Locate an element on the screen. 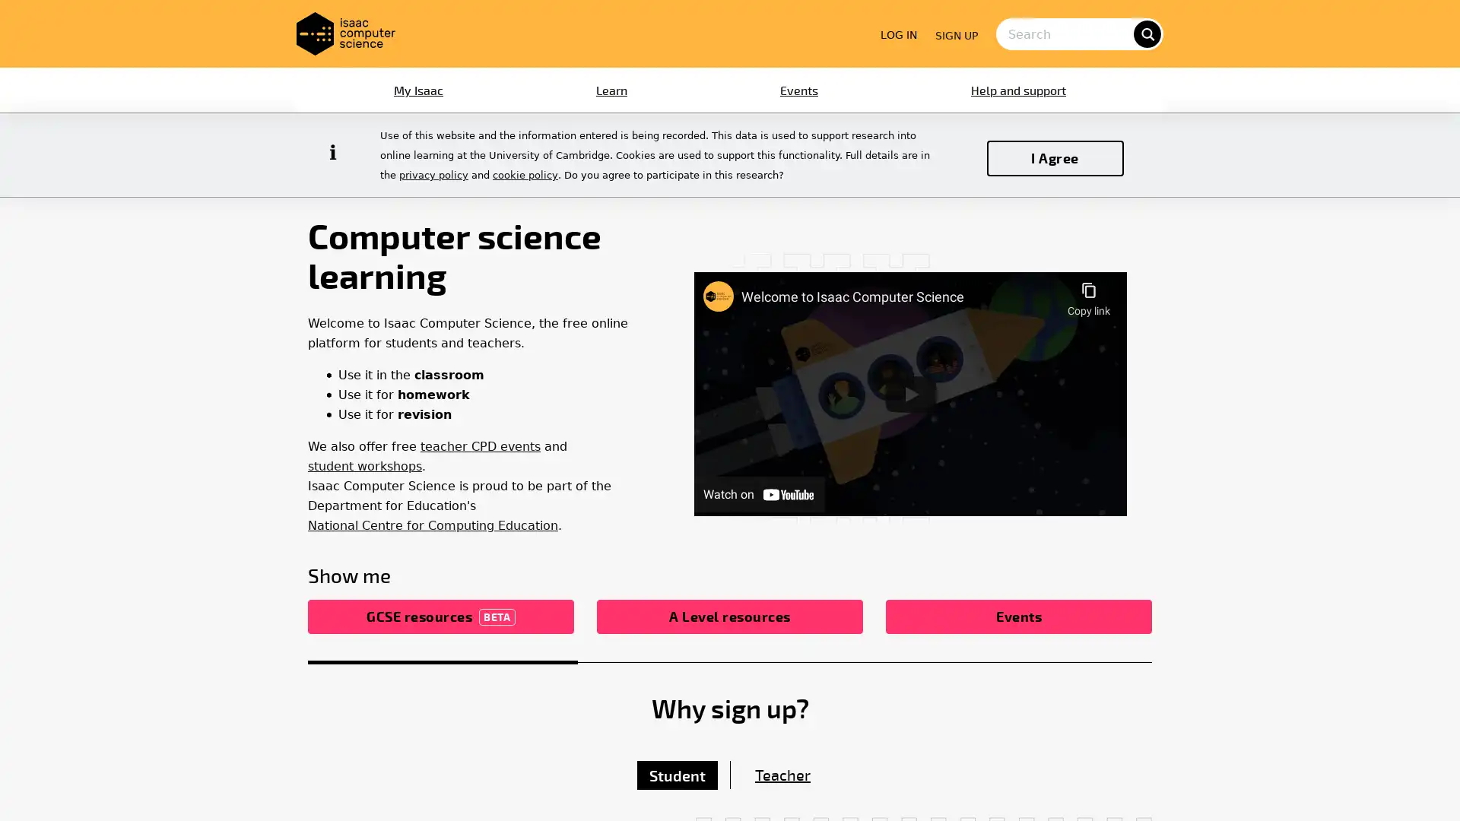 This screenshot has height=821, width=1460. search is located at coordinates (1146, 33).